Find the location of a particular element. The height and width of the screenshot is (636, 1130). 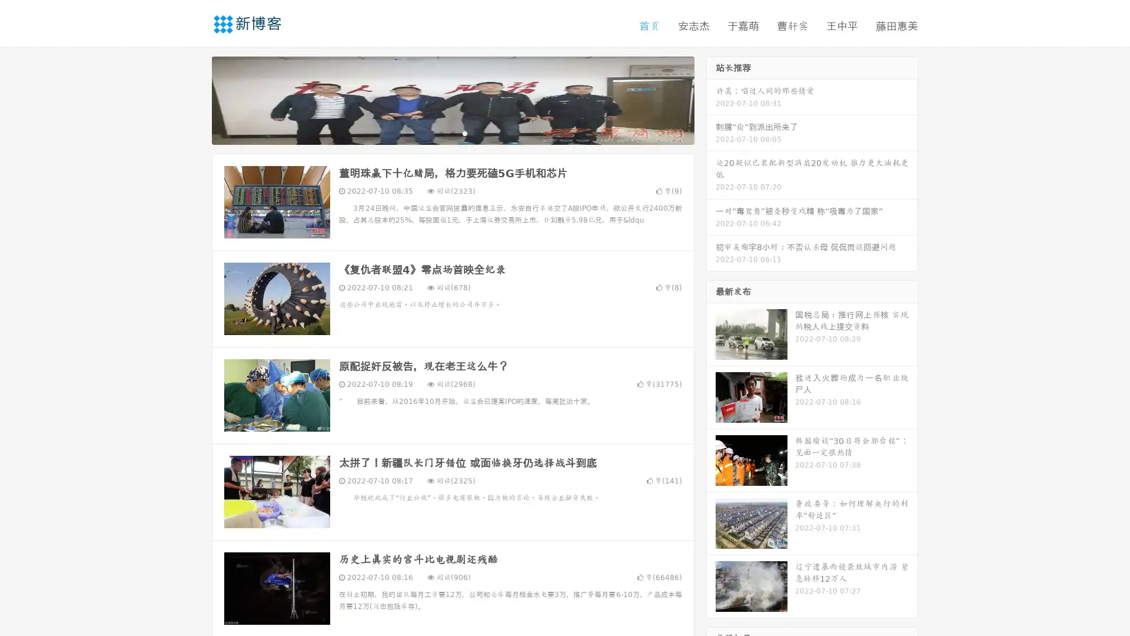

Next slide is located at coordinates (711, 99).